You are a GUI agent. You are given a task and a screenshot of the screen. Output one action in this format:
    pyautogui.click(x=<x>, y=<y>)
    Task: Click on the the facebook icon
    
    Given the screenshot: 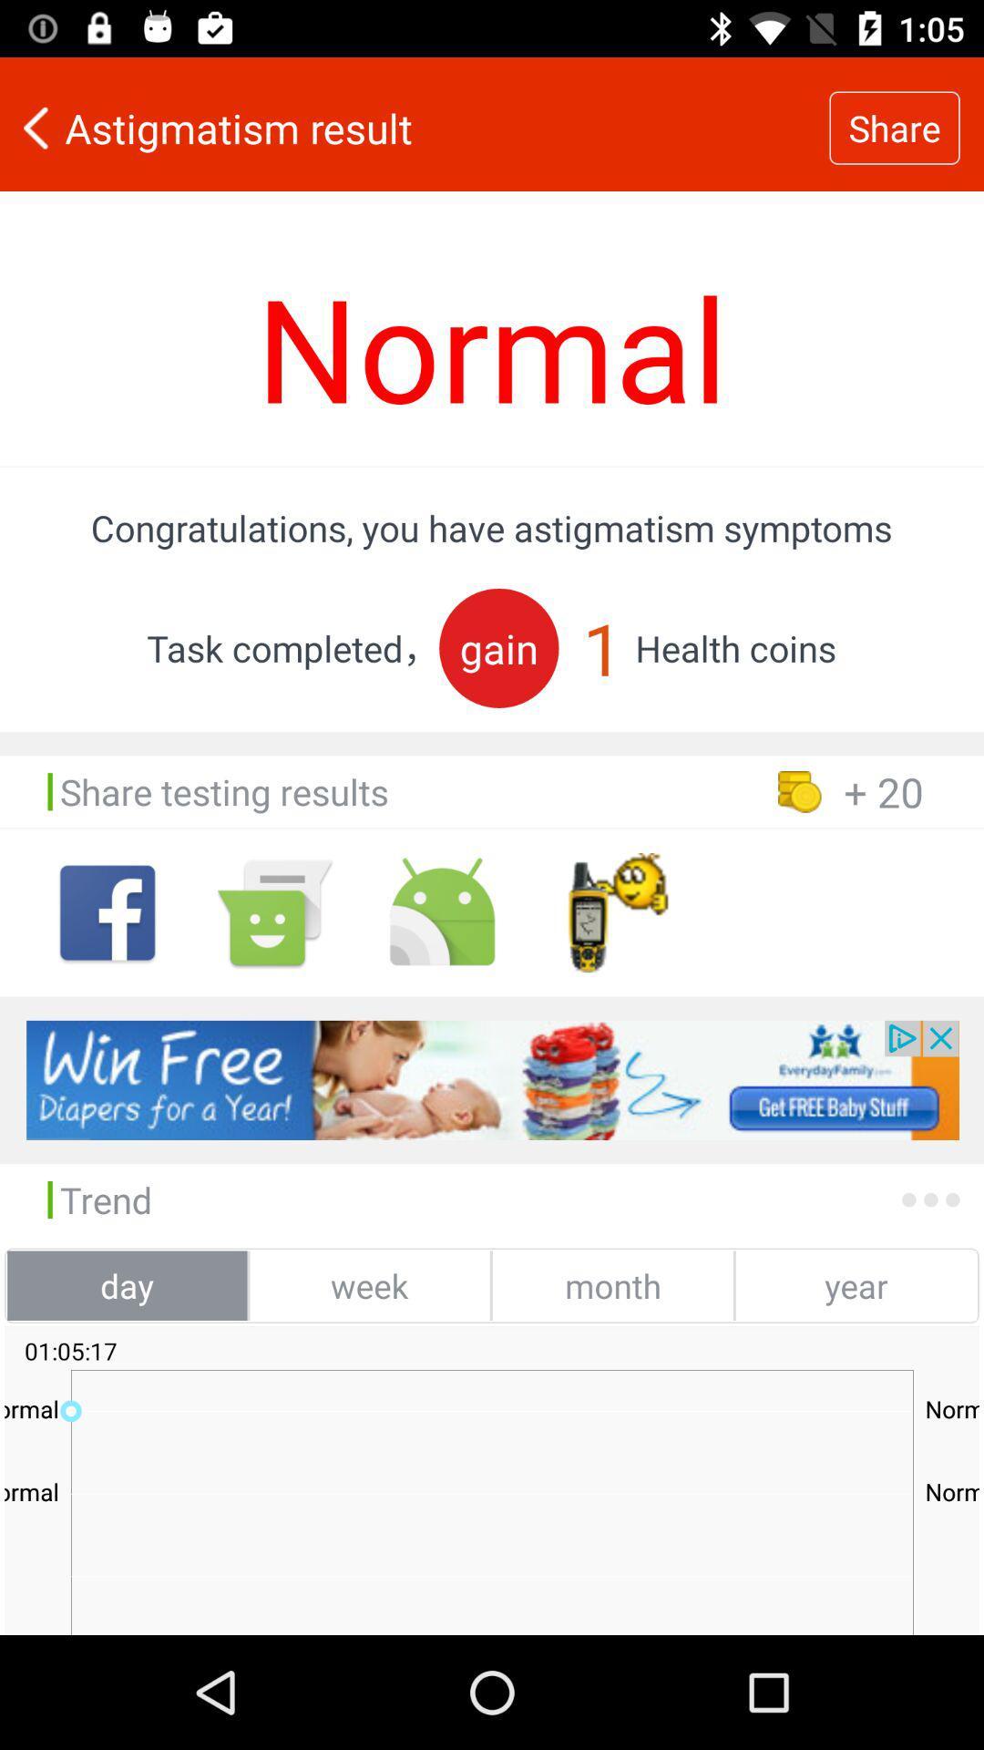 What is the action you would take?
    pyautogui.click(x=108, y=912)
    